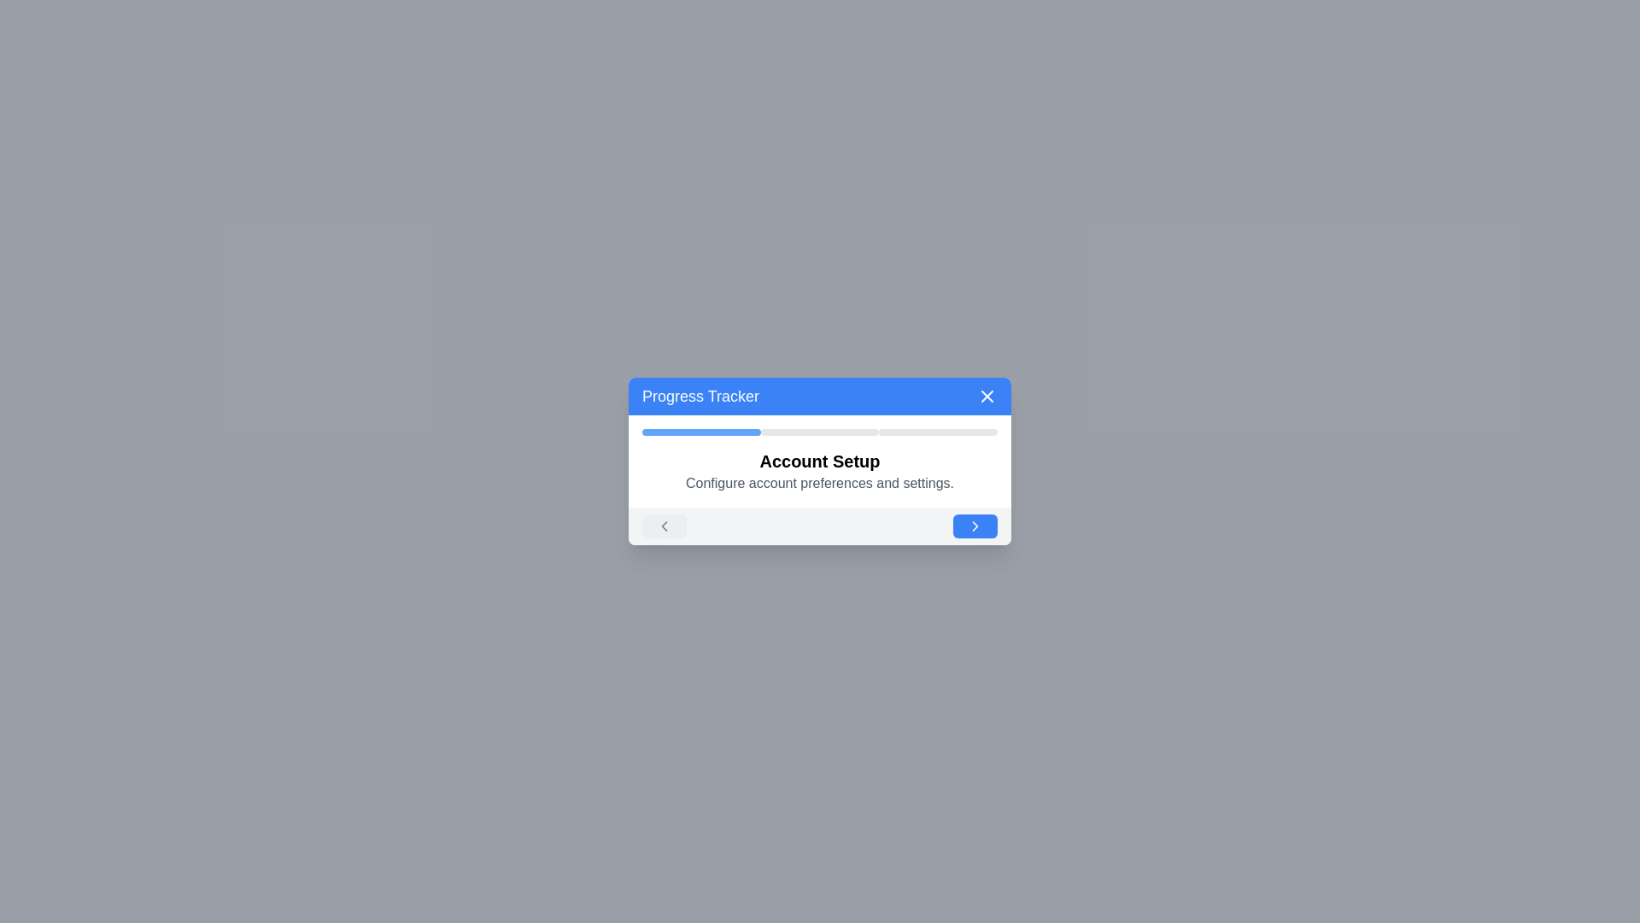  I want to click on the second segment of the horizontal progress bar, which is styled with a gray background and is located between a blue segment and another gray segment, beneath the 'Progress Tracker' title and above 'Account Setup.', so click(820, 431).